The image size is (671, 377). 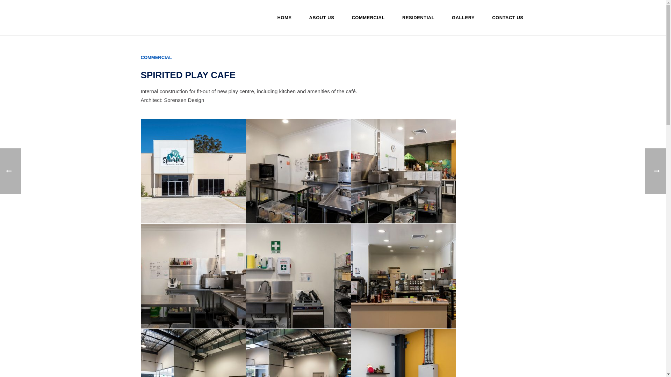 I want to click on 'HOME', so click(x=268, y=17).